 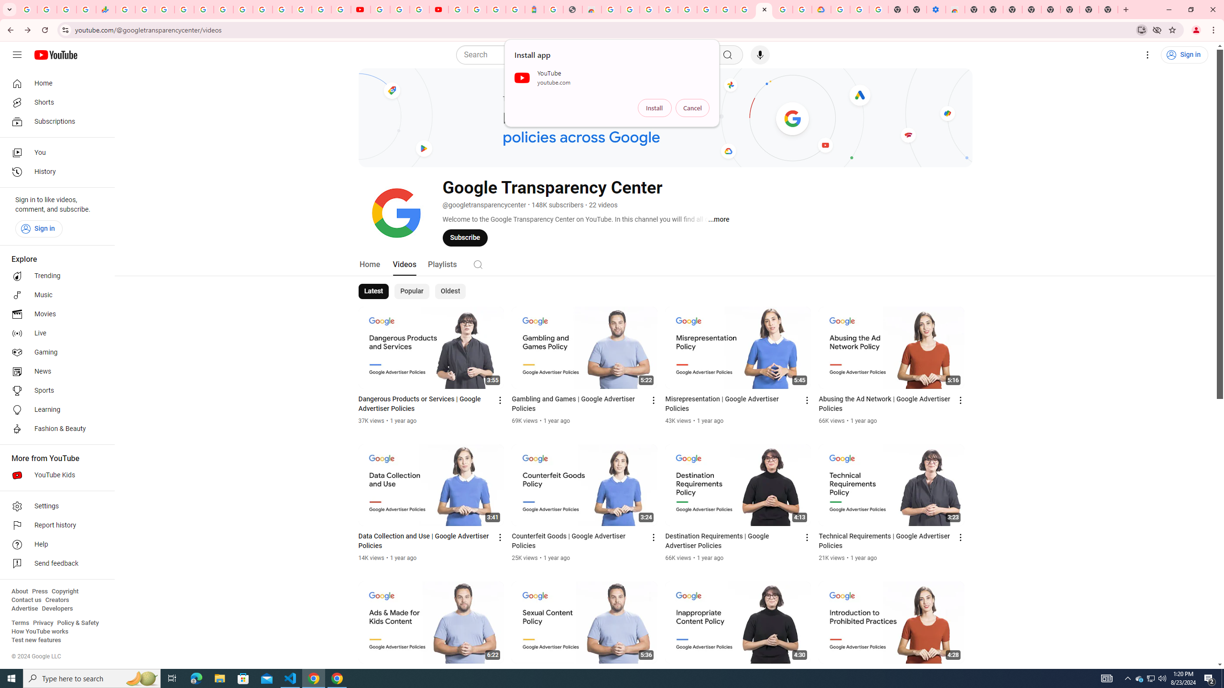 I want to click on 'Subscribe', so click(x=464, y=237).